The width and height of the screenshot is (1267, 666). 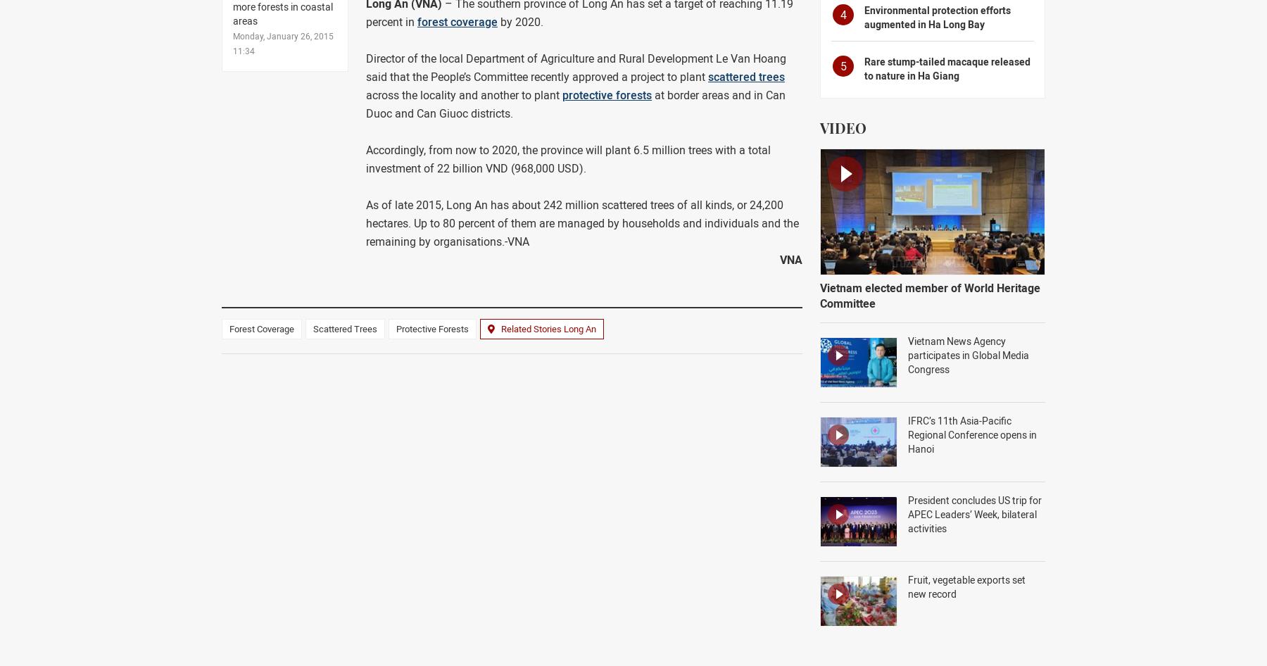 I want to click on 'Fruit, vegetable exports set new record', so click(x=966, y=586).